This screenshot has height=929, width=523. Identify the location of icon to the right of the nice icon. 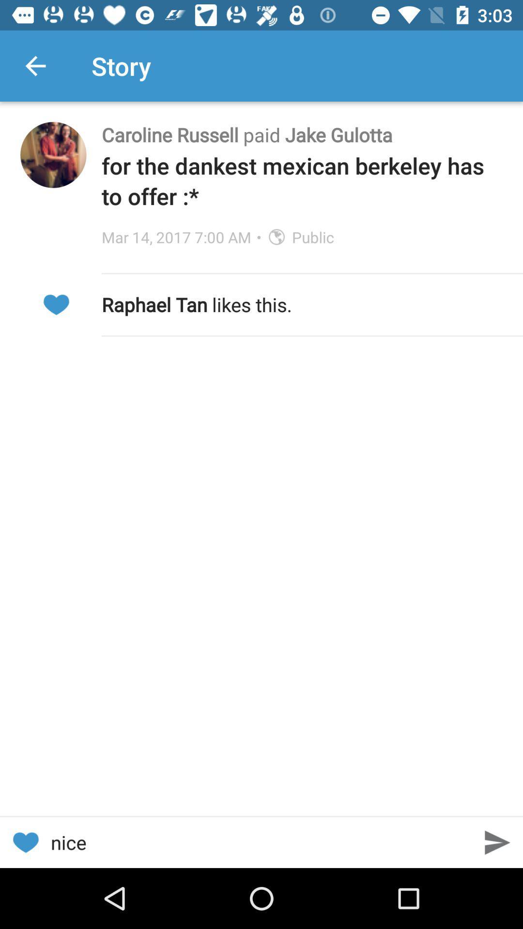
(497, 842).